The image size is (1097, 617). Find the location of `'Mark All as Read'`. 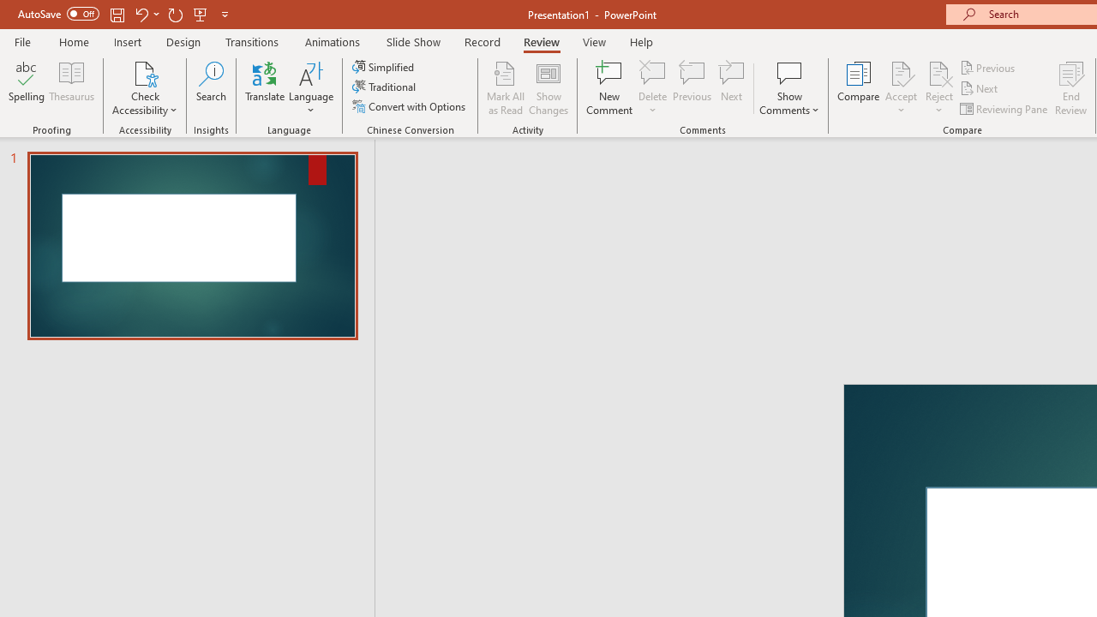

'Mark All as Read' is located at coordinates (505, 88).